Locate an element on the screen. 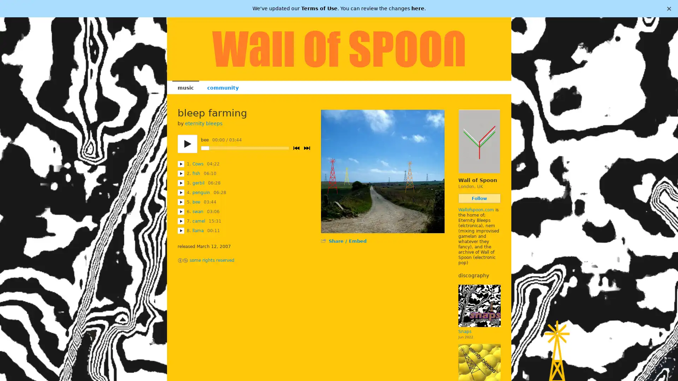 Image resolution: width=678 pixels, height=381 pixels. Play bee is located at coordinates (180, 202).